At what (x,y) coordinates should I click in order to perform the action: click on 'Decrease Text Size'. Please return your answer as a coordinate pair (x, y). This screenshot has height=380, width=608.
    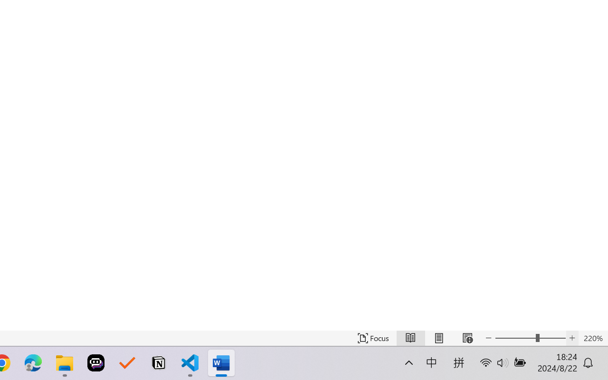
    Looking at the image, I should click on (489, 338).